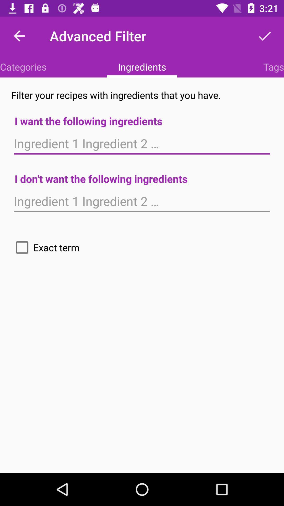 This screenshot has height=506, width=284. What do you see at coordinates (265, 36) in the screenshot?
I see `item next to the advanced filter` at bounding box center [265, 36].